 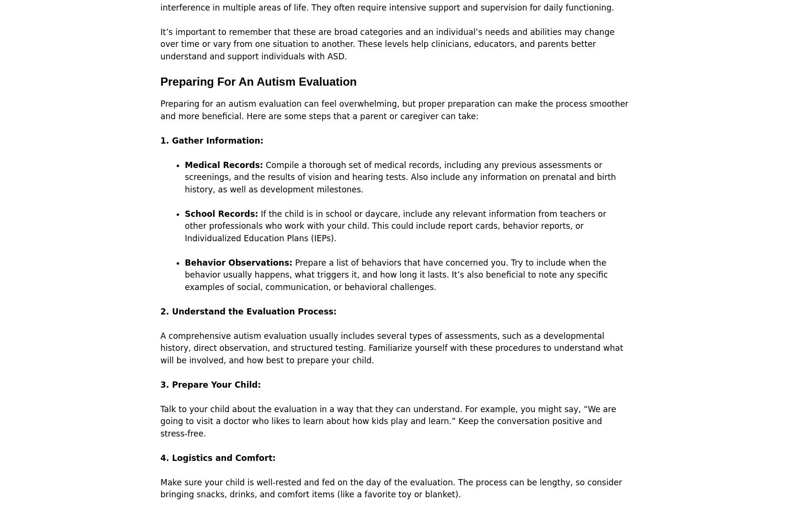 What do you see at coordinates (184, 176) in the screenshot?
I see `'Compile a thorough set of medical records, including any previous assessments or screenings, and the results of vision and hearing tests. Also include any information on prenatal and birth history, as well as development milestones.'` at bounding box center [184, 176].